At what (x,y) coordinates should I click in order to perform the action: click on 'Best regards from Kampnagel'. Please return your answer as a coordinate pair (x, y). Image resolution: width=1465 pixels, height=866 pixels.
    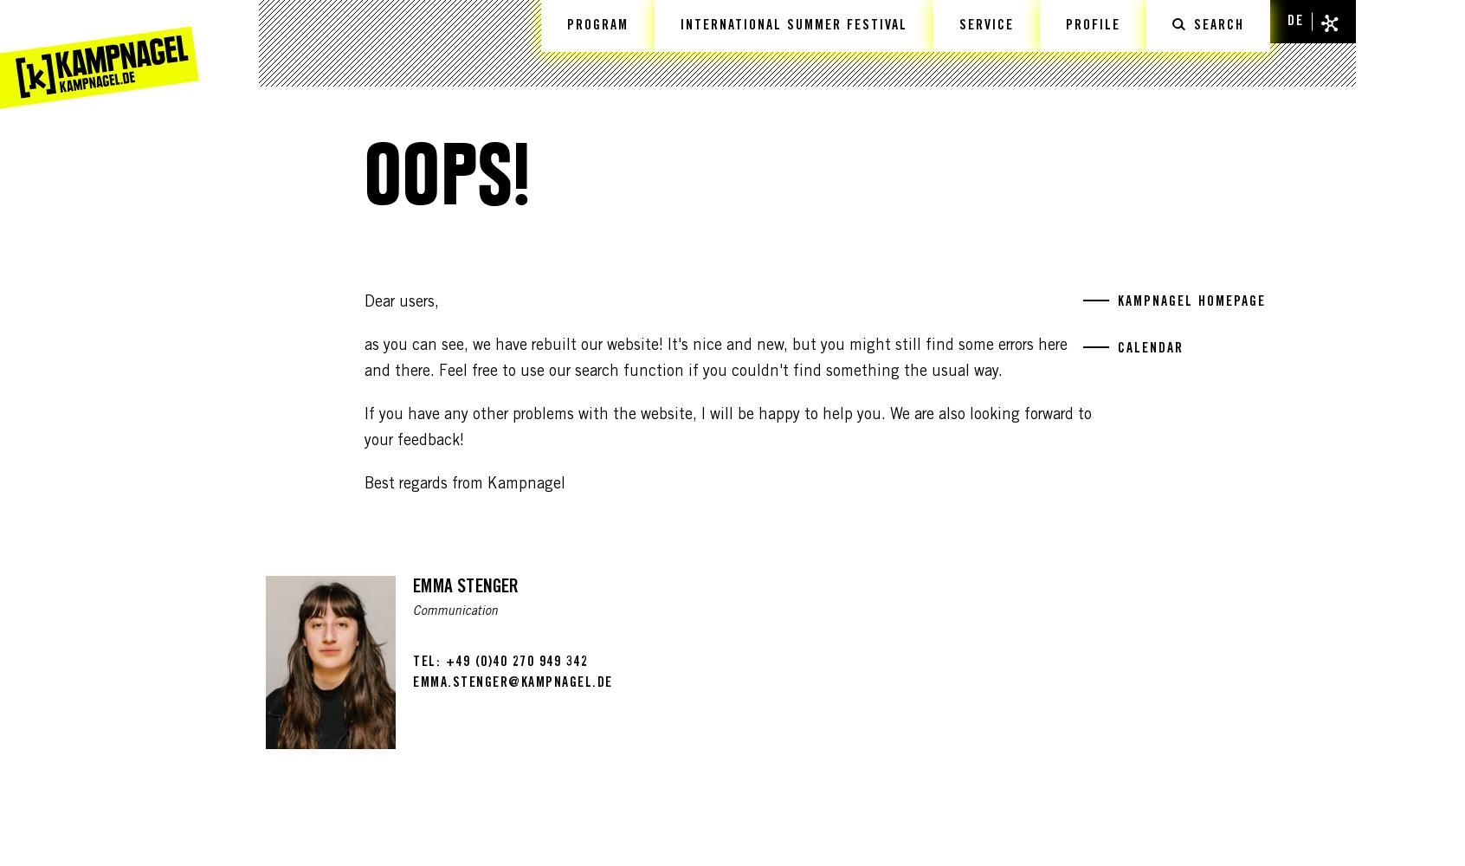
    Looking at the image, I should click on (363, 485).